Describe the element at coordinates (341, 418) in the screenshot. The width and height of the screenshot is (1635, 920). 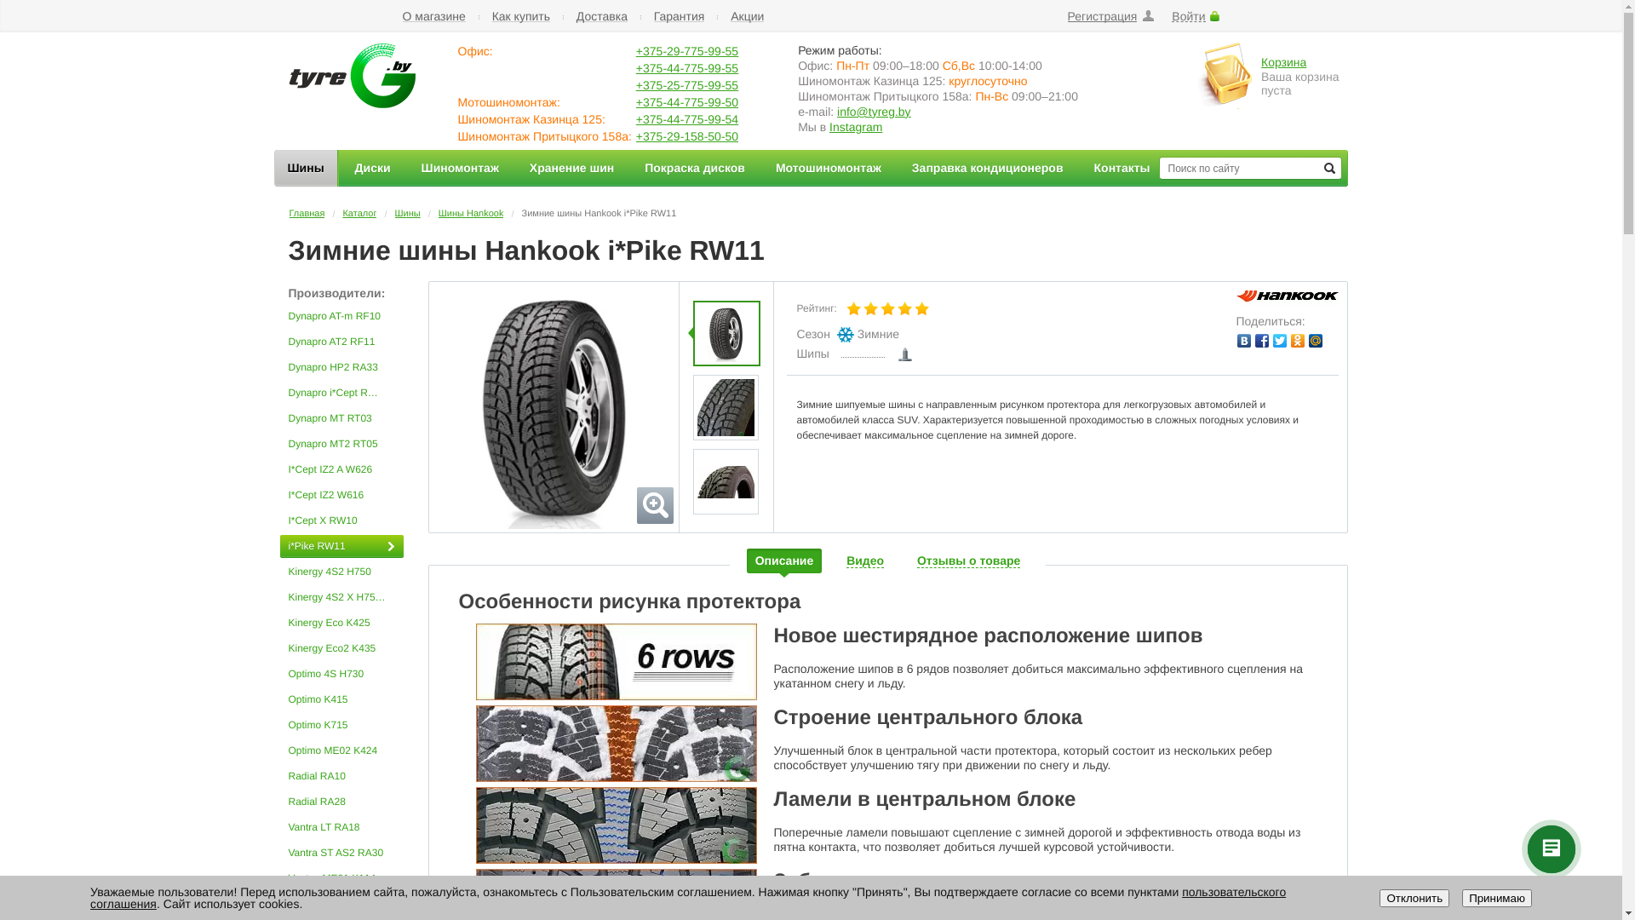
I see `'Dynapro MT RT03'` at that location.